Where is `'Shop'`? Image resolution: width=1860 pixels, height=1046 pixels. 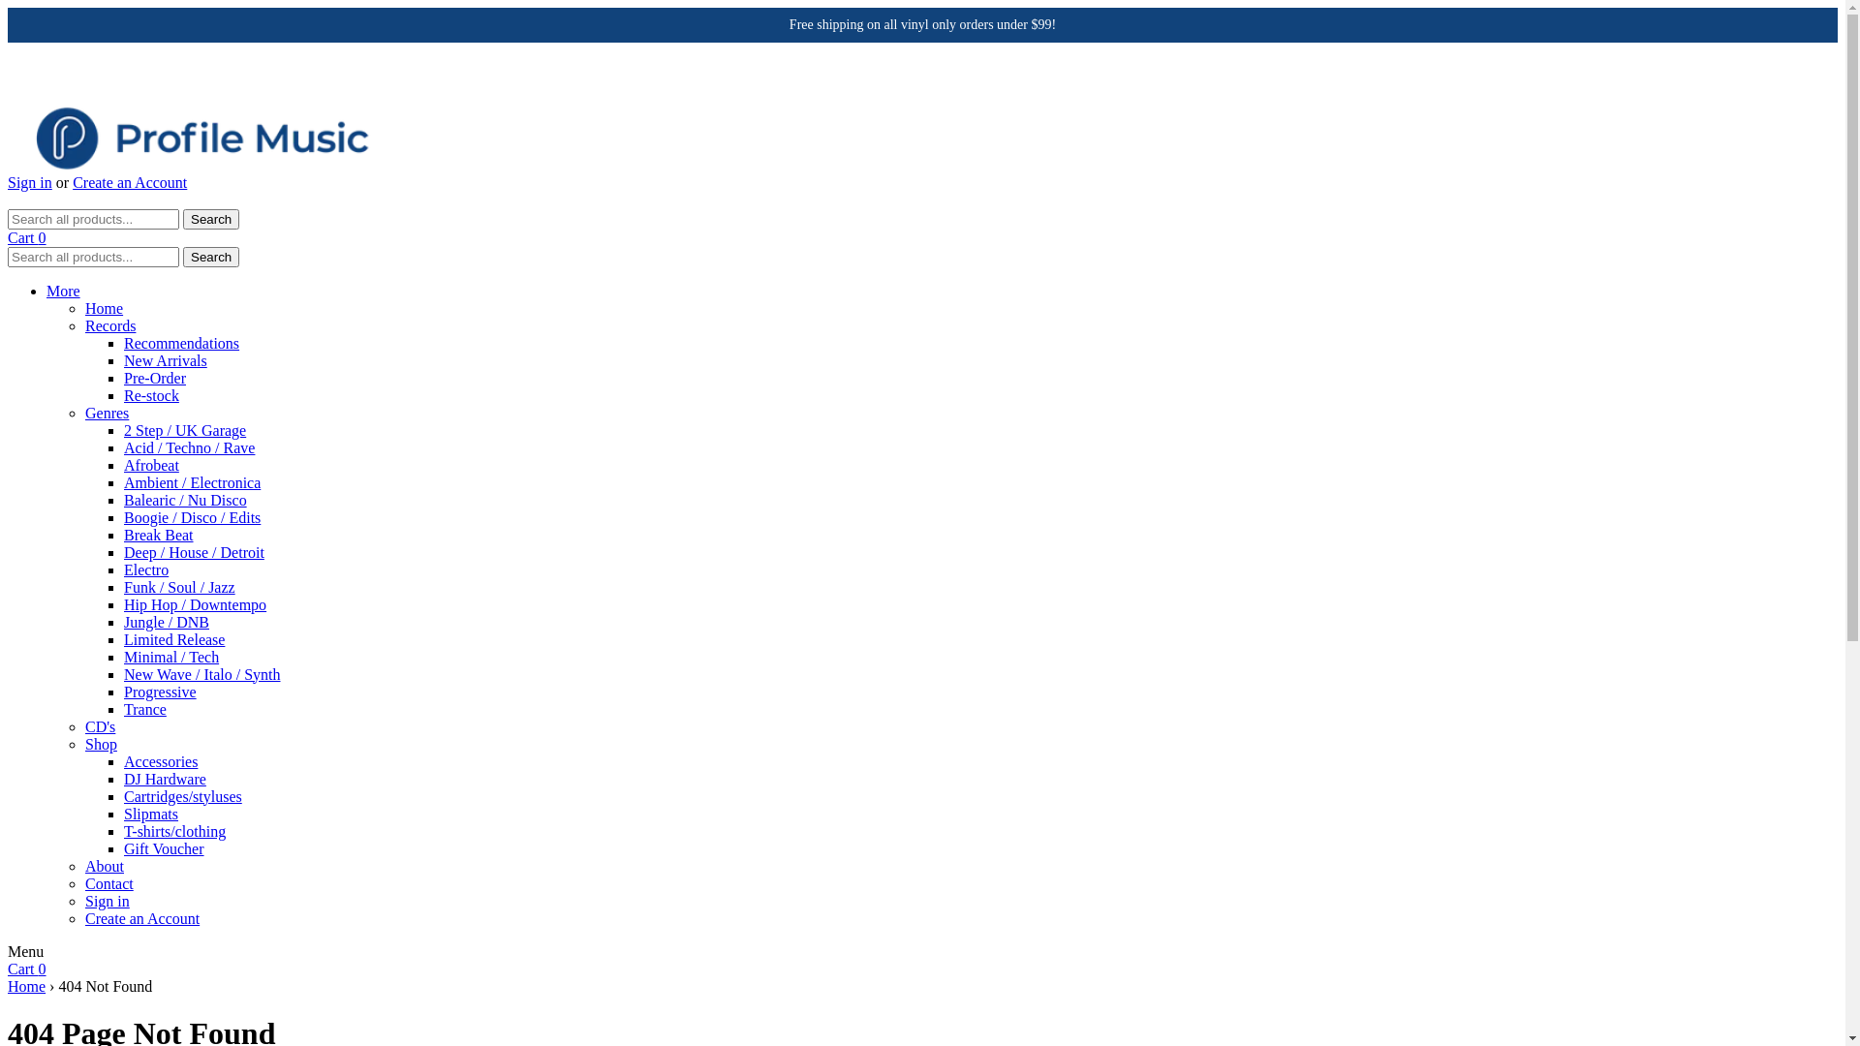
'Shop' is located at coordinates (100, 743).